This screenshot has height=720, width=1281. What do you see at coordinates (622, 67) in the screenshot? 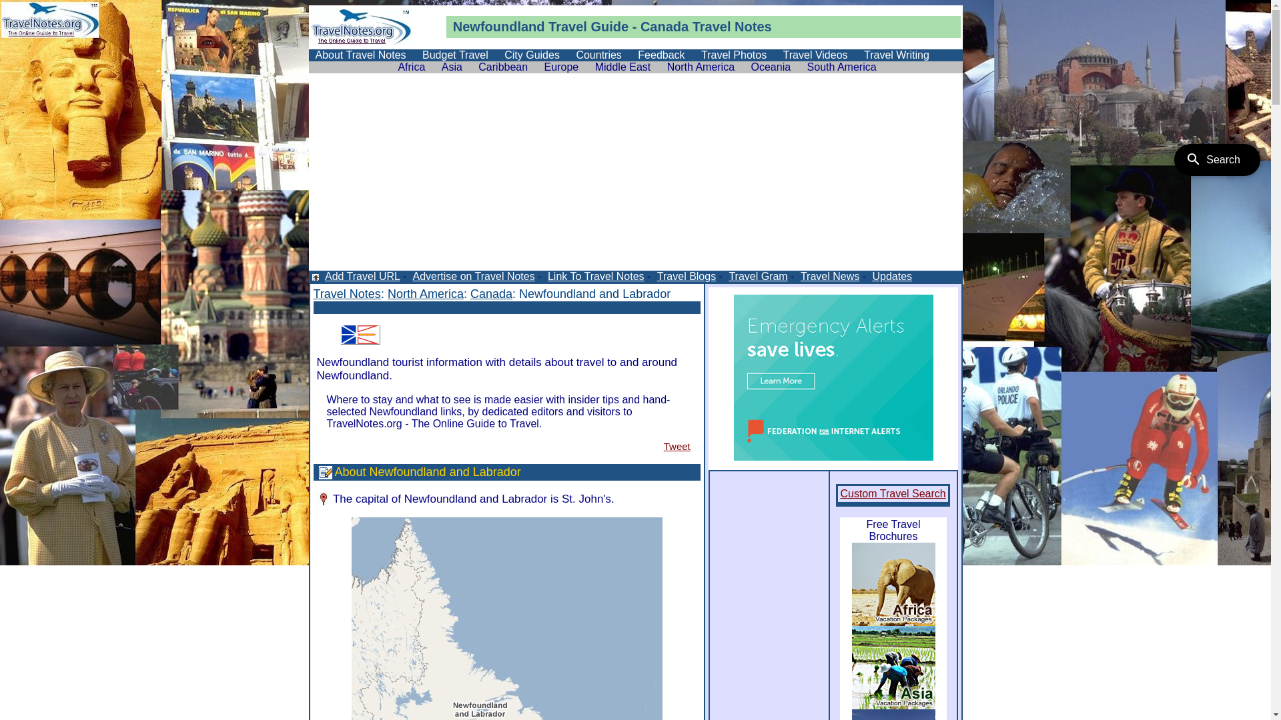
I see `'Middle East'` at bounding box center [622, 67].